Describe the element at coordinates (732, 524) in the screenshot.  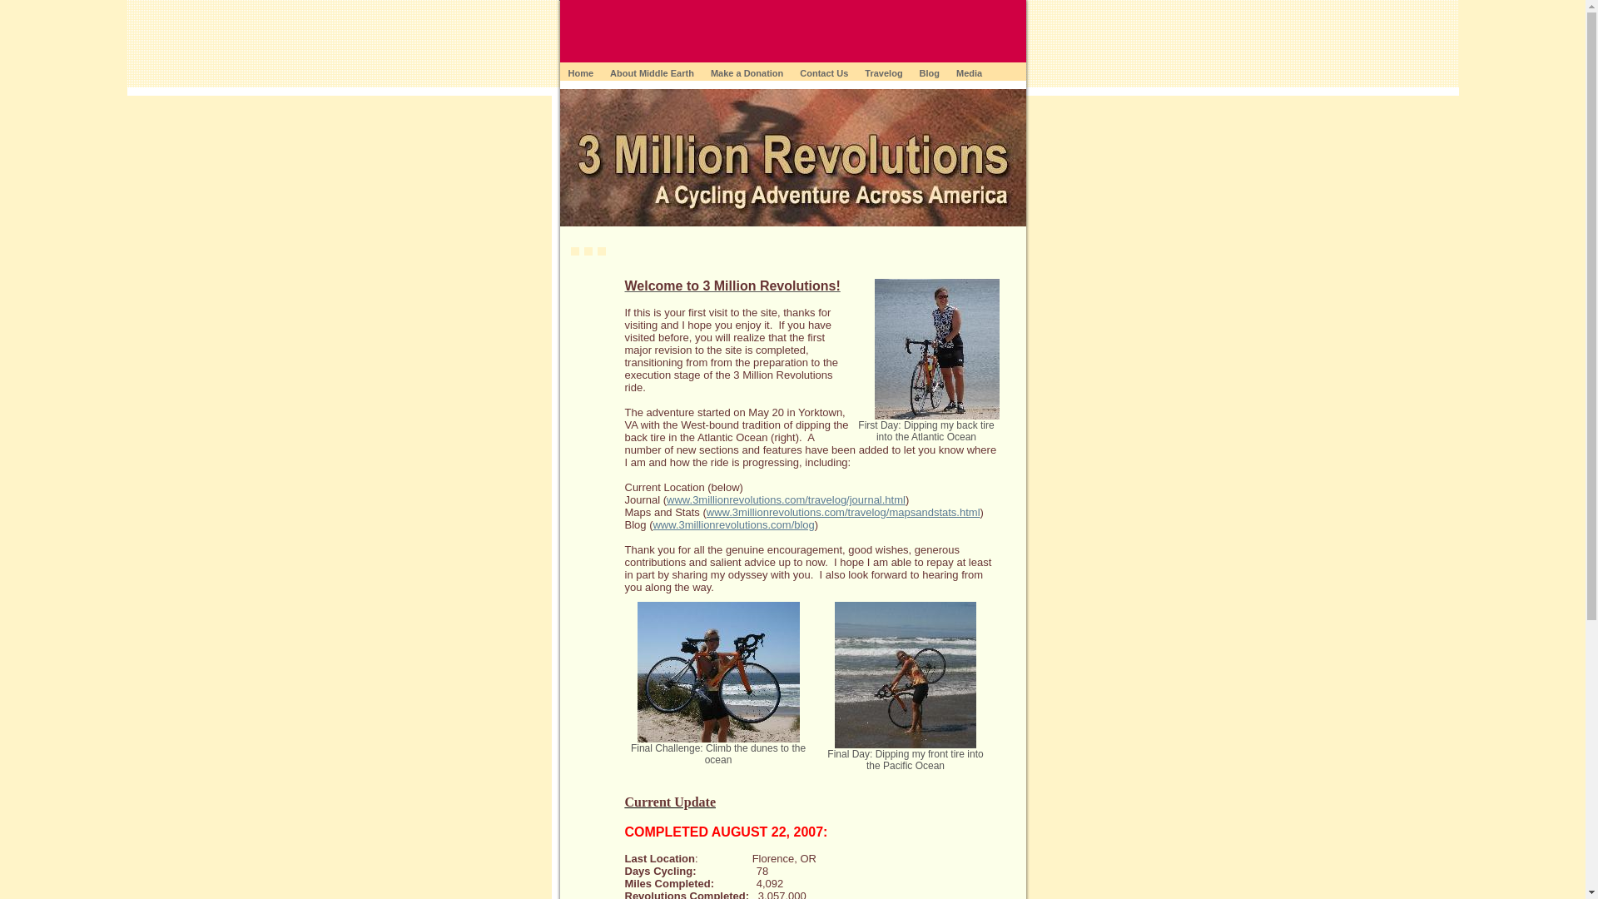
I see `'www.3millionrevolutions.com/blog'` at that location.